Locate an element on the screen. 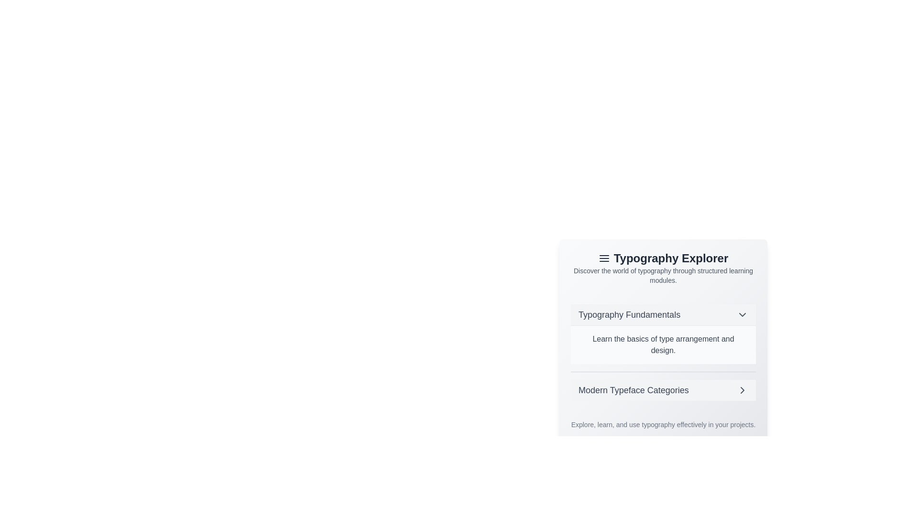  the 'Modern Typeface Categories' button, which is a rectangular light gray button located below the 'Typography Fundamentals' item in the 'Typography Explorer' module is located at coordinates (663, 390).